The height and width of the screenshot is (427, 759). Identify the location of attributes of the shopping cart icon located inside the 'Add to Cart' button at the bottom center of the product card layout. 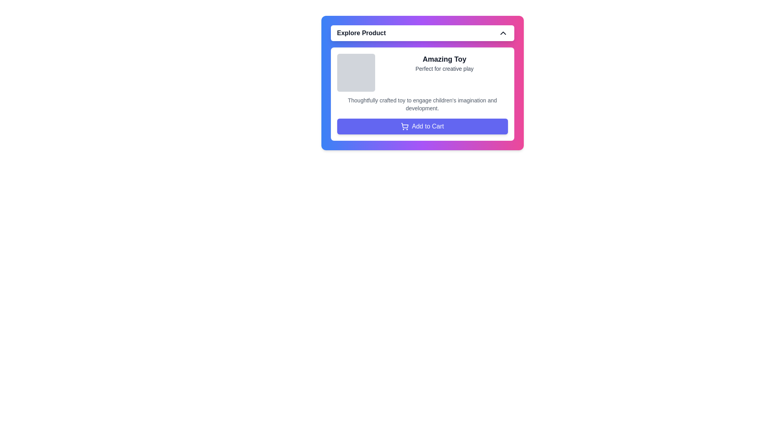
(404, 126).